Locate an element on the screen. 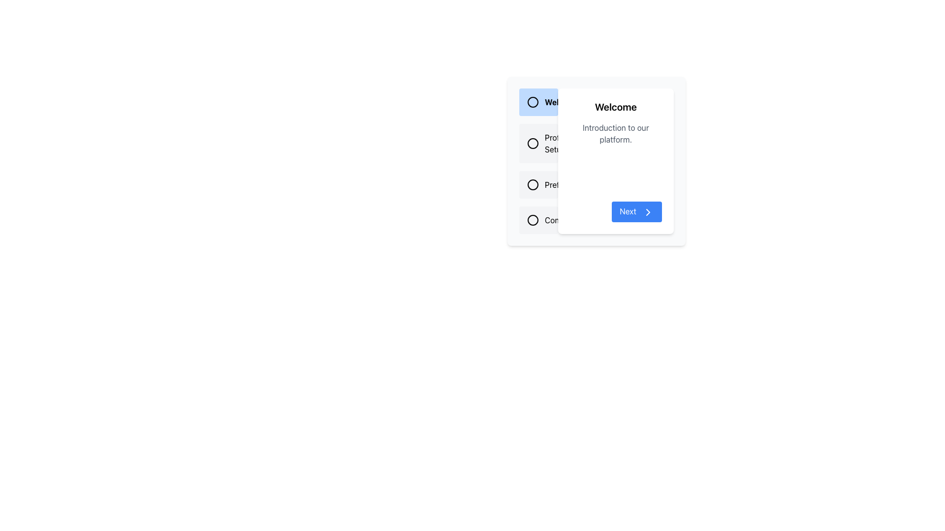 Image resolution: width=945 pixels, height=531 pixels. the circle of the third radio button labeled 'Preferences' is located at coordinates (533, 184).